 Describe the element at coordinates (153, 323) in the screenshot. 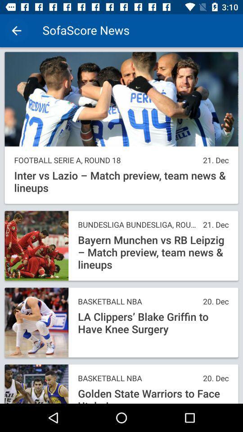

I see `the la clippers blake` at that location.